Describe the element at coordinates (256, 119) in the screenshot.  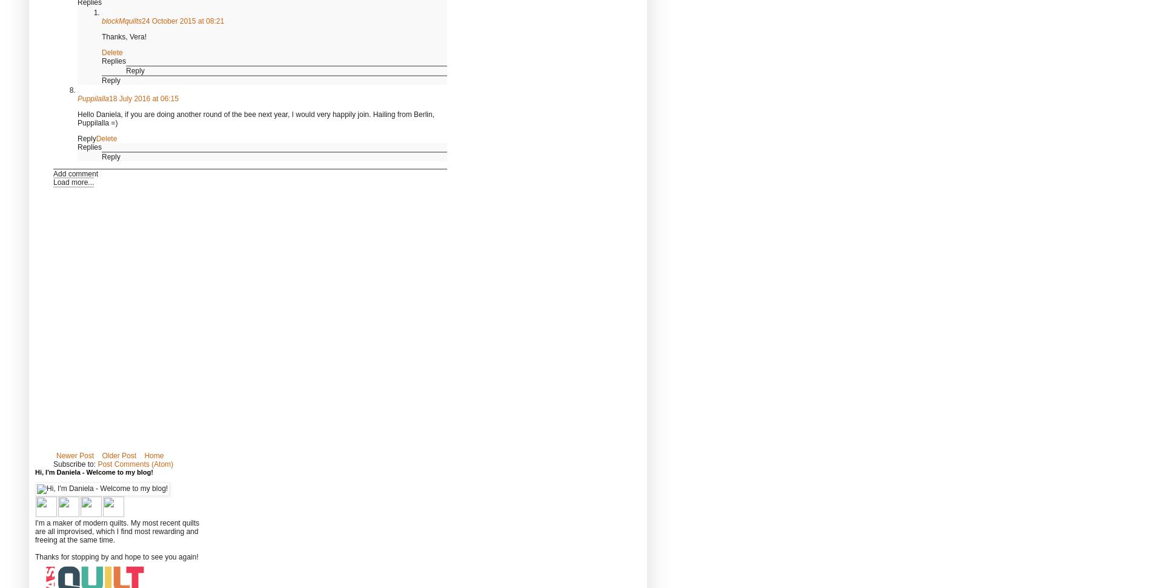
I see `'Hello Daniela, if you are doing another round of the bee next year, I would very happily join. Hailing from Berlin, Puppilalla =)'` at that location.